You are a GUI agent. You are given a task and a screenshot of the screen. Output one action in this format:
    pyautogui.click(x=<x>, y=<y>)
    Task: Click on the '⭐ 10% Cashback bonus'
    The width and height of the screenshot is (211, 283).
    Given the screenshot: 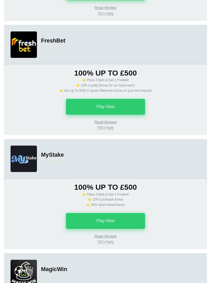 What is the action you would take?
    pyautogui.click(x=105, y=199)
    